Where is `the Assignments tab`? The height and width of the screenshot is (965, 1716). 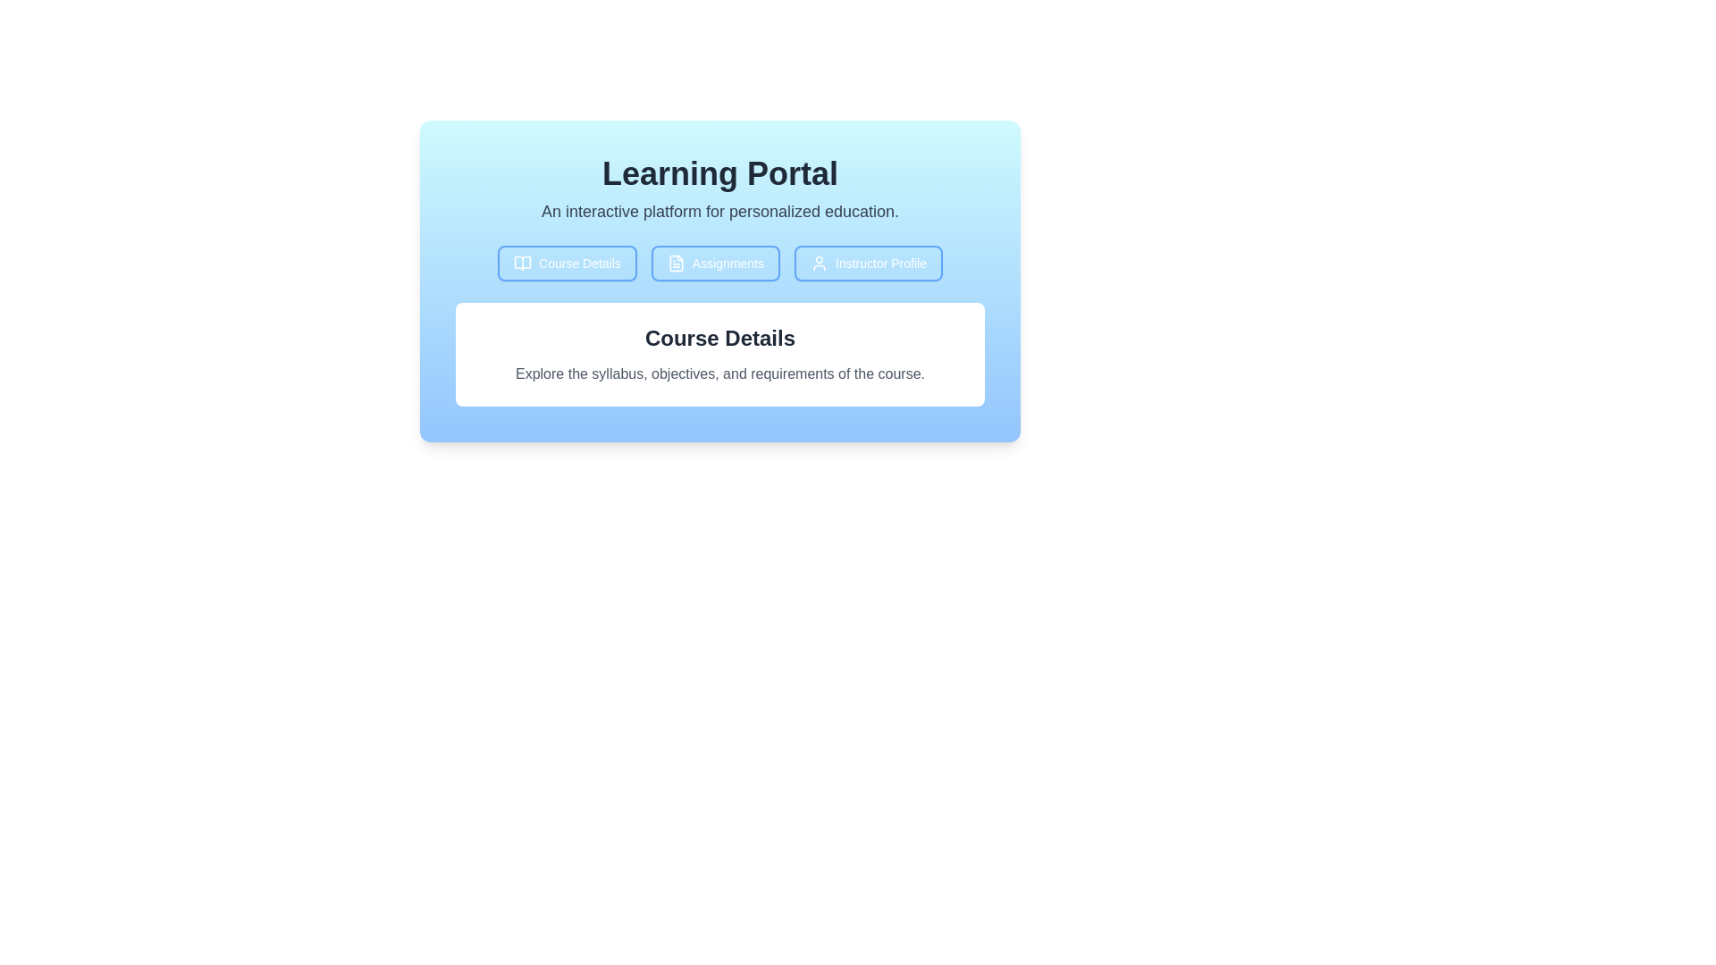 the Assignments tab is located at coordinates (716, 263).